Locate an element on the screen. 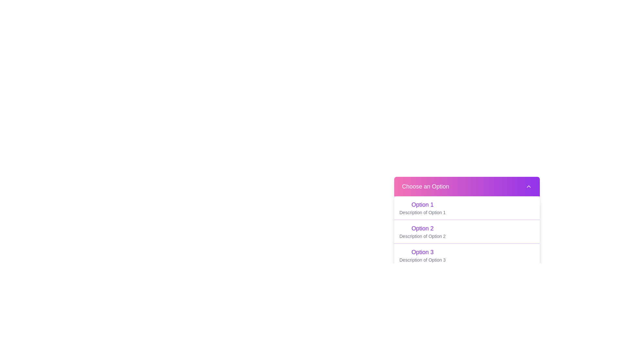  the first selectable option in the dropdown menu labeled 'Option 1' is located at coordinates (422, 208).